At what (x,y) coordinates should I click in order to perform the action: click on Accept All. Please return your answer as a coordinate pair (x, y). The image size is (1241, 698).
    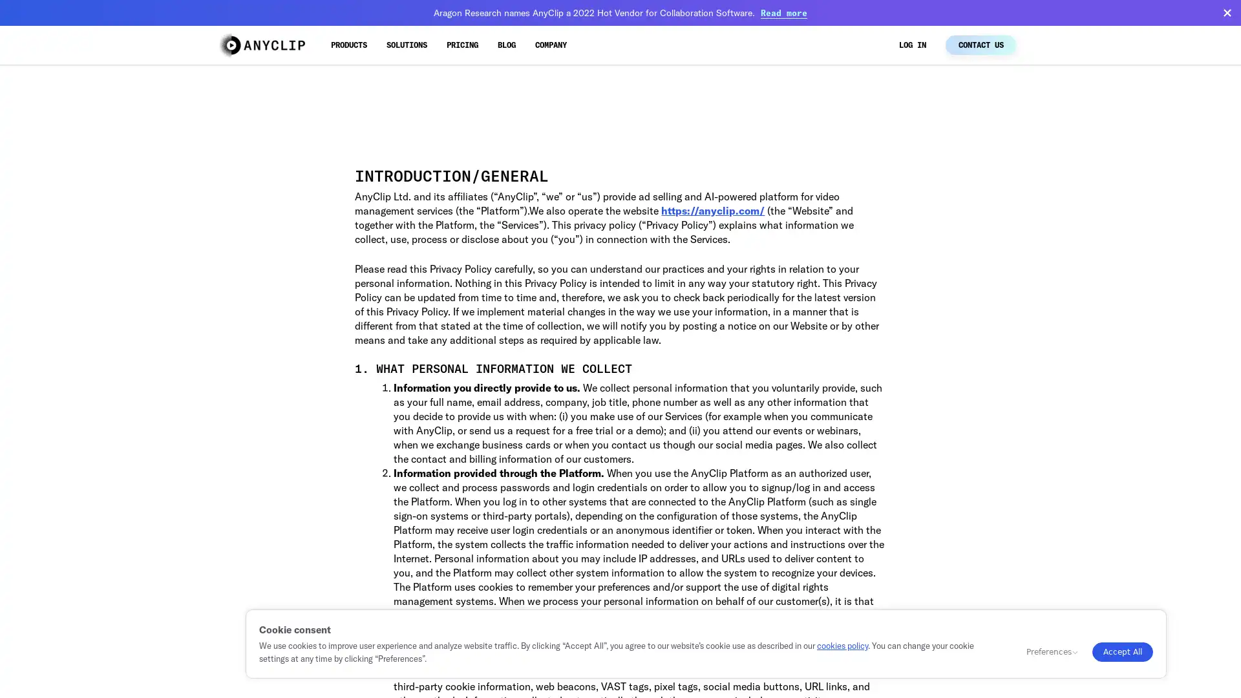
    Looking at the image, I should click on (1121, 652).